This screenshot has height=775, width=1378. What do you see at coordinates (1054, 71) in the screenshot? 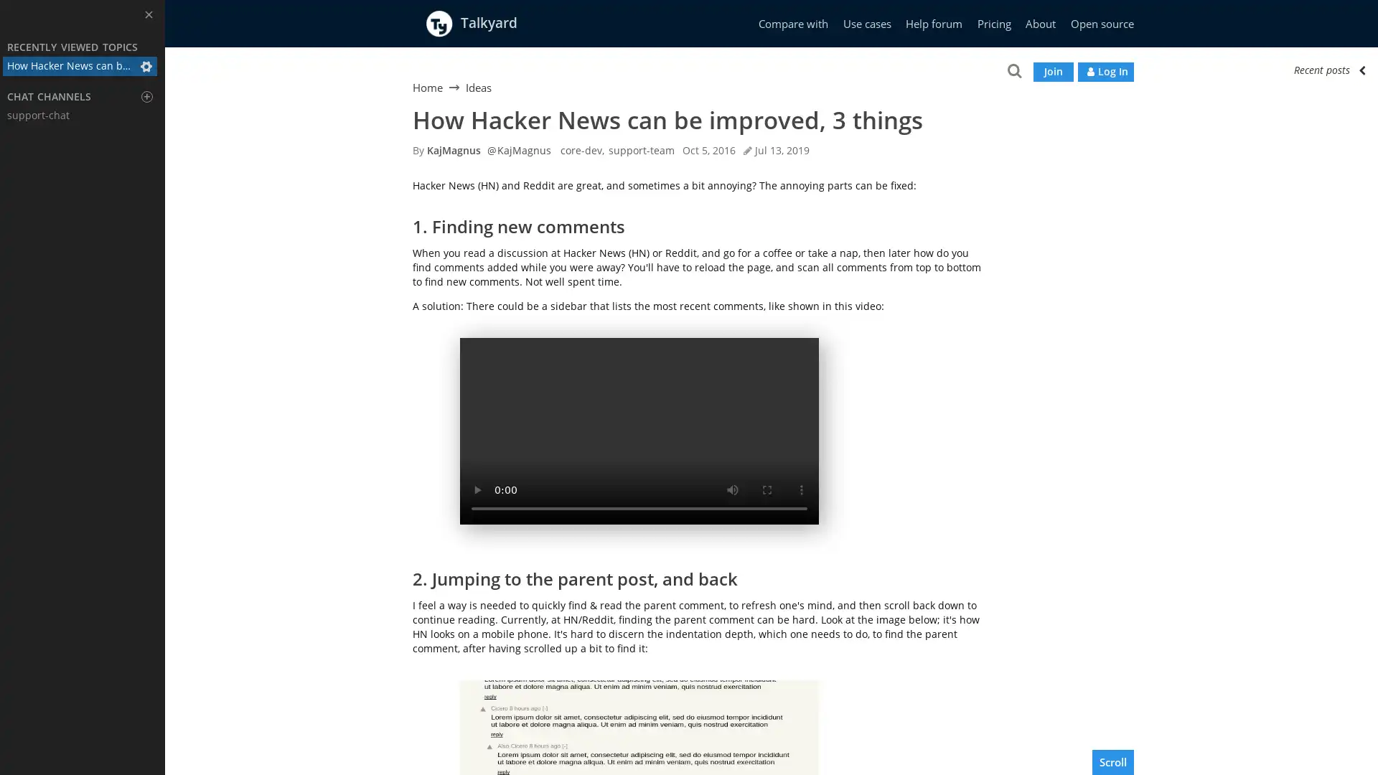
I see `Join` at bounding box center [1054, 71].